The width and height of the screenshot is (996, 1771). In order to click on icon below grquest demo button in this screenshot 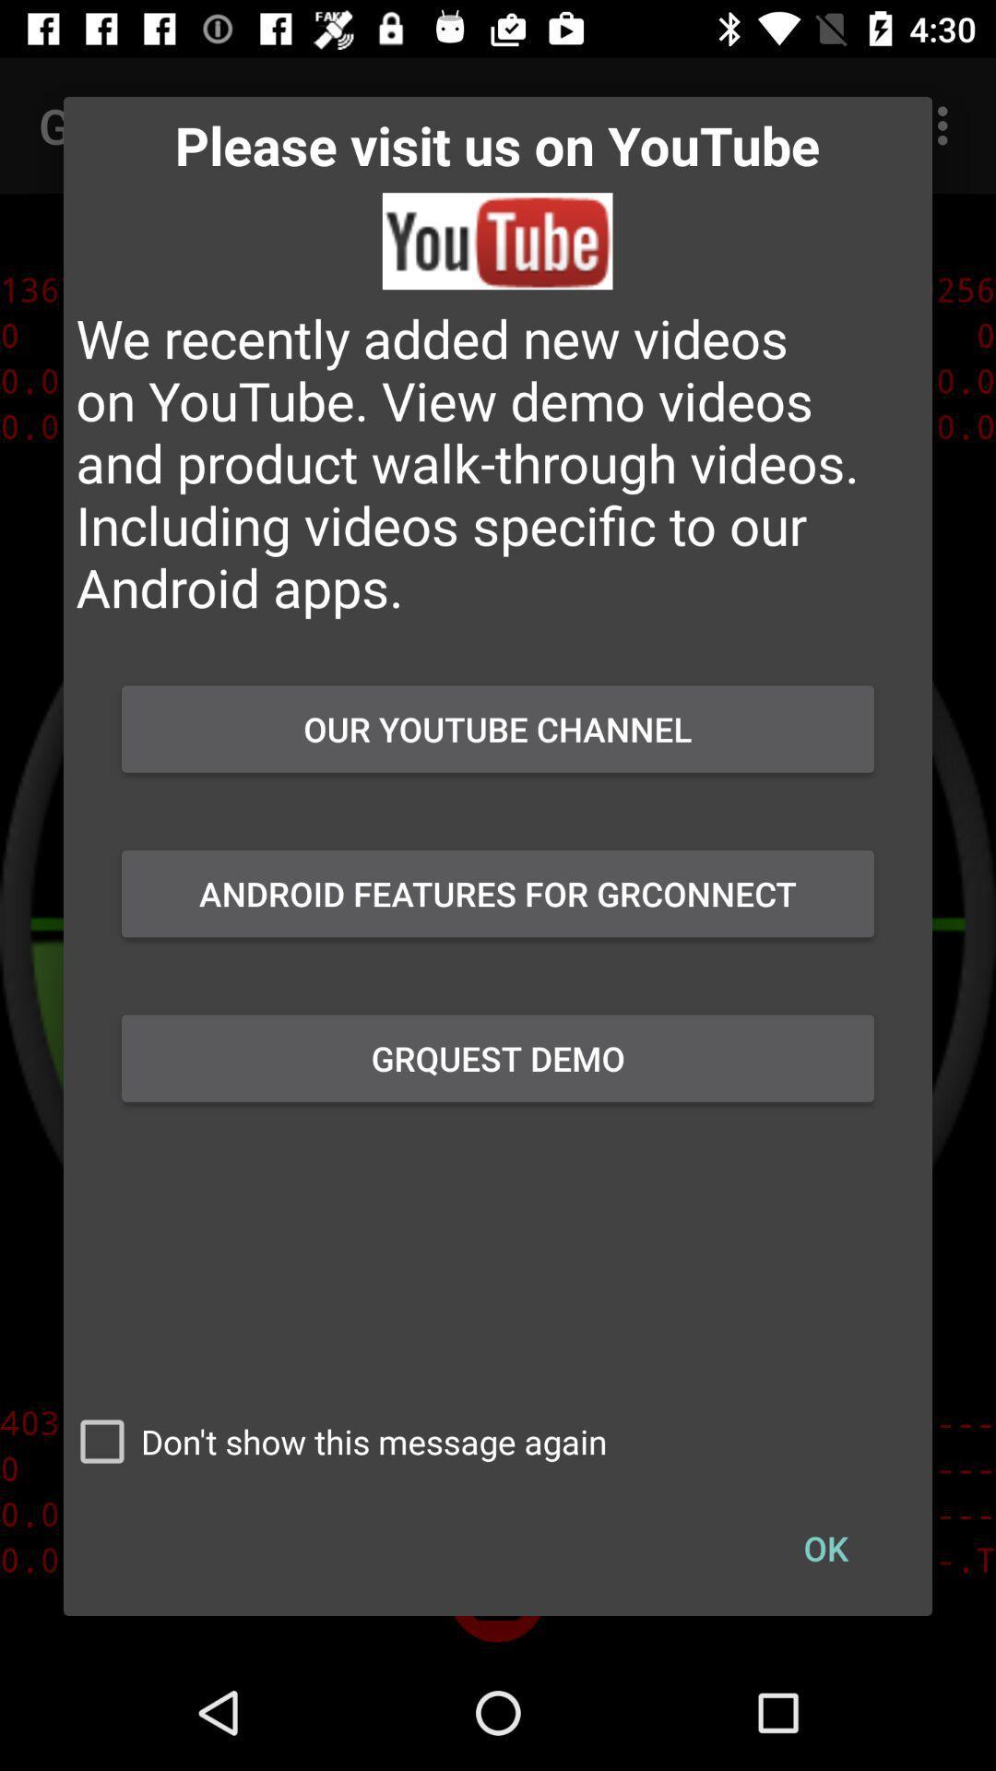, I will do `click(335, 1441)`.